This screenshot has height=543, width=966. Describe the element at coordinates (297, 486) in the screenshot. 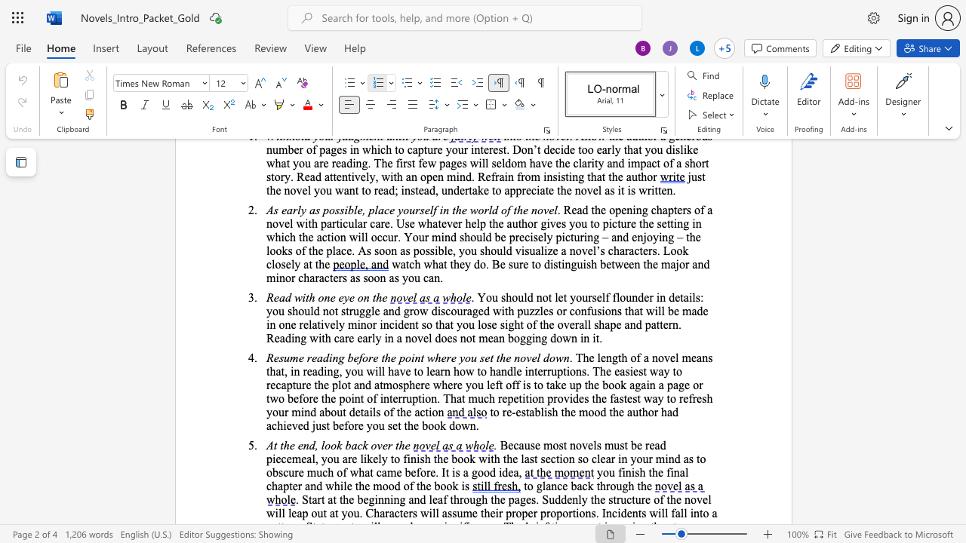

I see `the space between the continuous character "e" and "r" in the text` at that location.